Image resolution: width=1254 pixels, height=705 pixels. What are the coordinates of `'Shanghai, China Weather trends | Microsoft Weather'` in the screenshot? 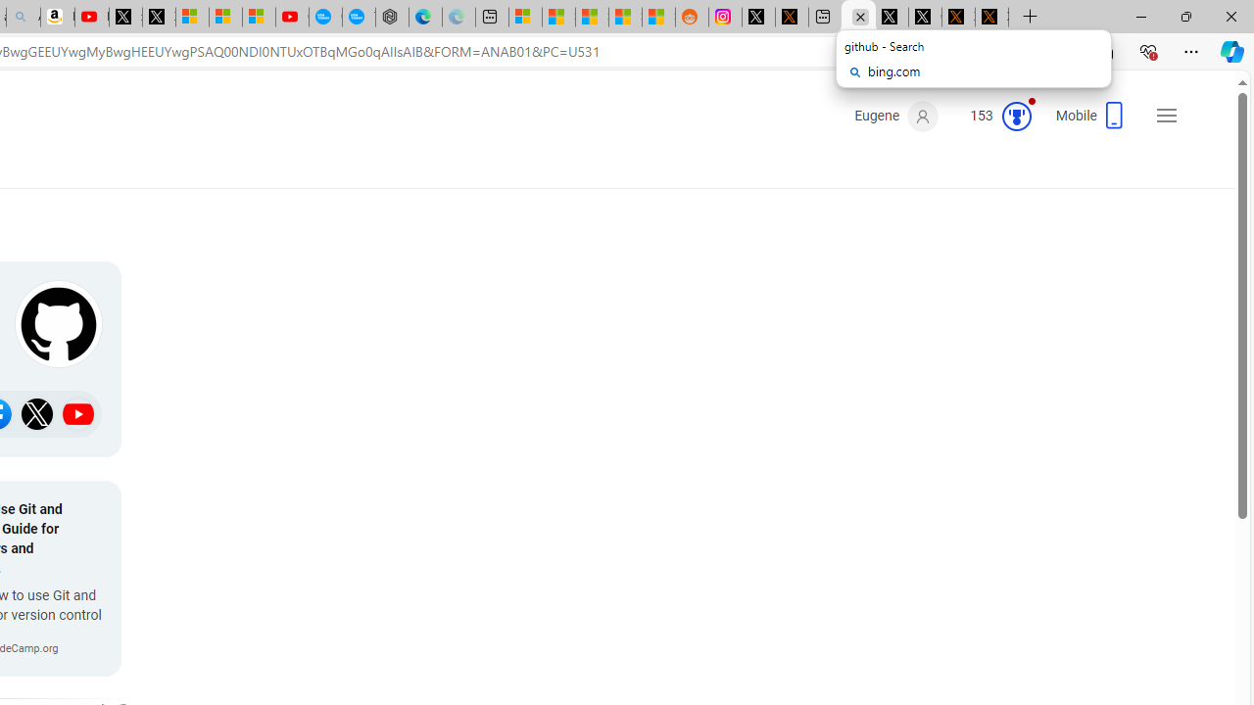 It's located at (658, 17).